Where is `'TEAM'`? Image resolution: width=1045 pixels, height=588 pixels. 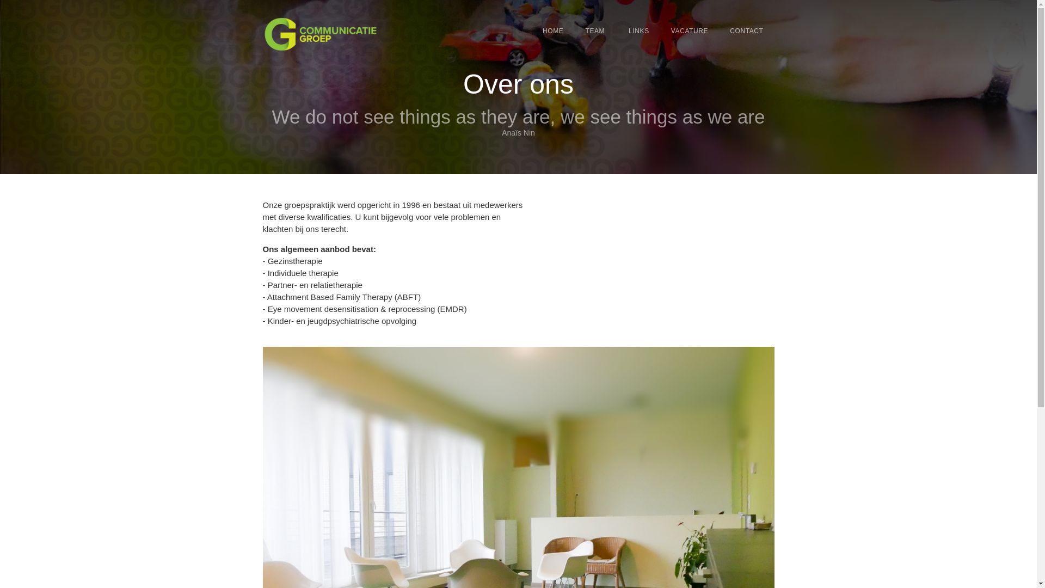 'TEAM' is located at coordinates (594, 30).